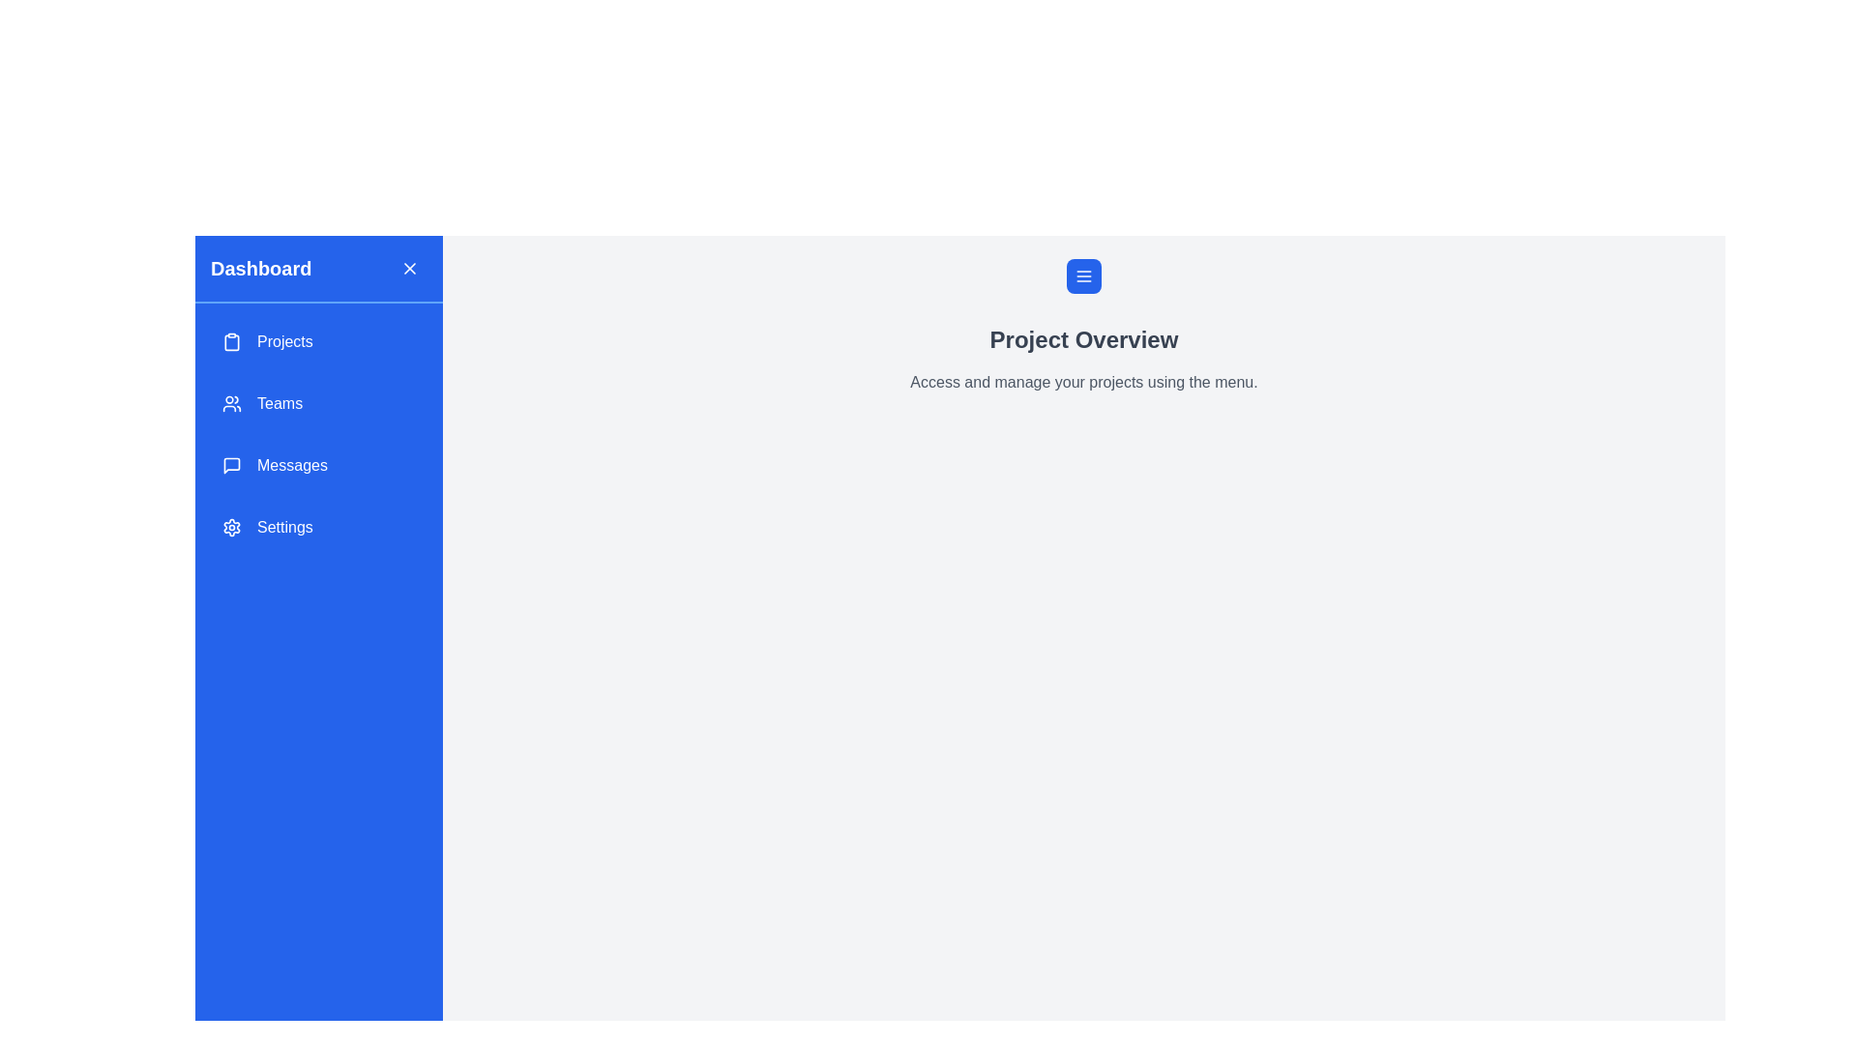 The image size is (1857, 1044). I want to click on the close or cancel button, which is a small 'X' icon on a circular blue background located in the top-right corner of the blue sidebar, next to 'Dashboard', so click(408, 268).